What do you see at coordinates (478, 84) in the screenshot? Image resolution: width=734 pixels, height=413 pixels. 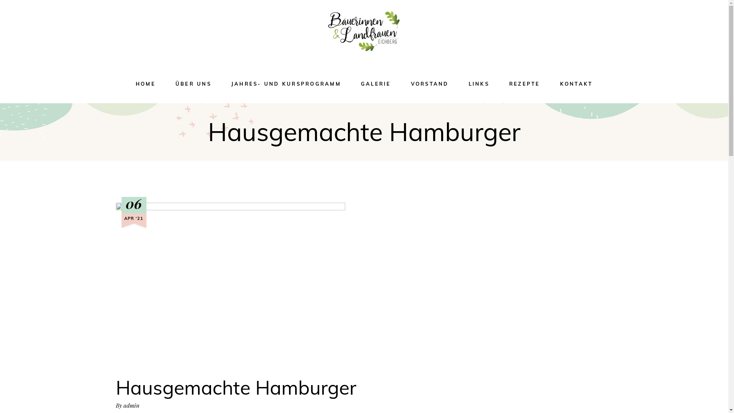 I see `'LINKS'` at bounding box center [478, 84].